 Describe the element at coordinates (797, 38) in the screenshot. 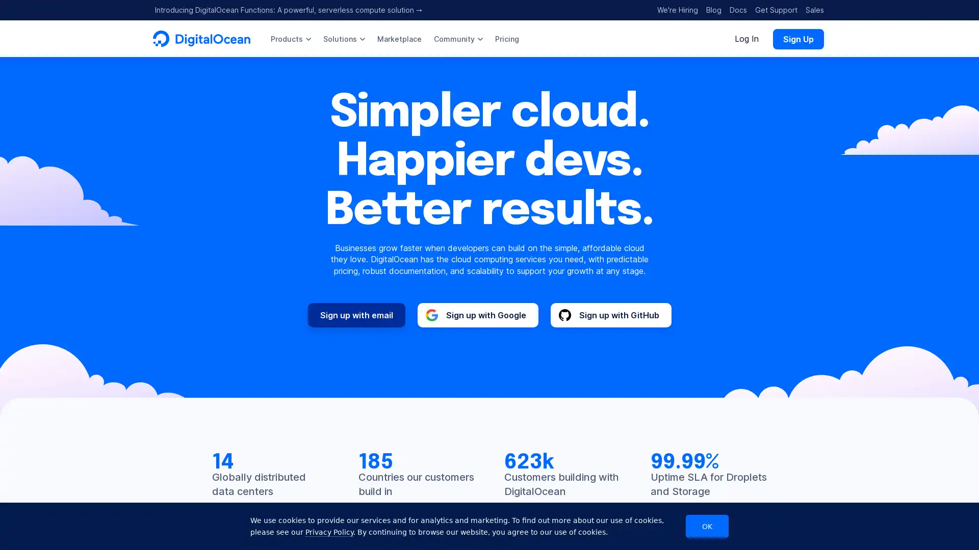

I see `Sign Up` at that location.